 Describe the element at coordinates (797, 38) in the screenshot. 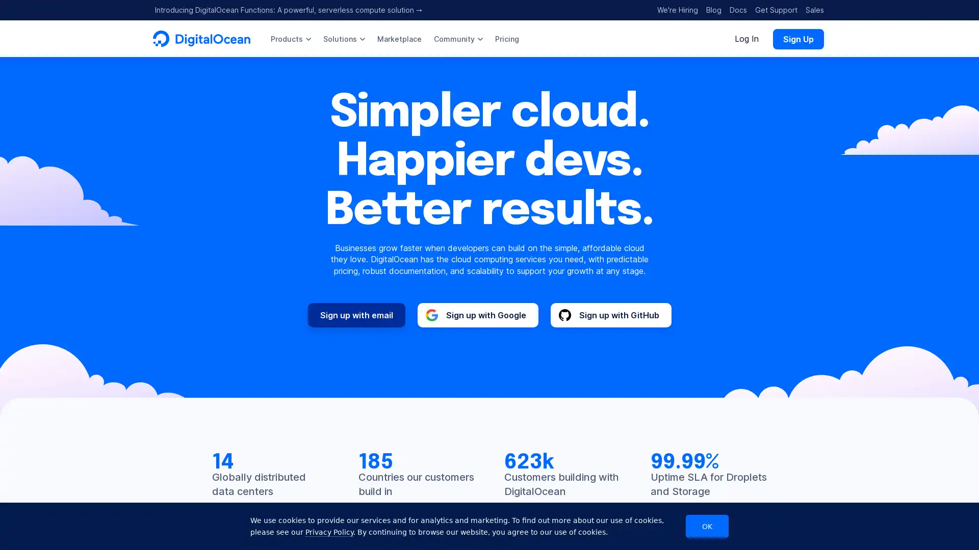

I see `Sign Up` at that location.